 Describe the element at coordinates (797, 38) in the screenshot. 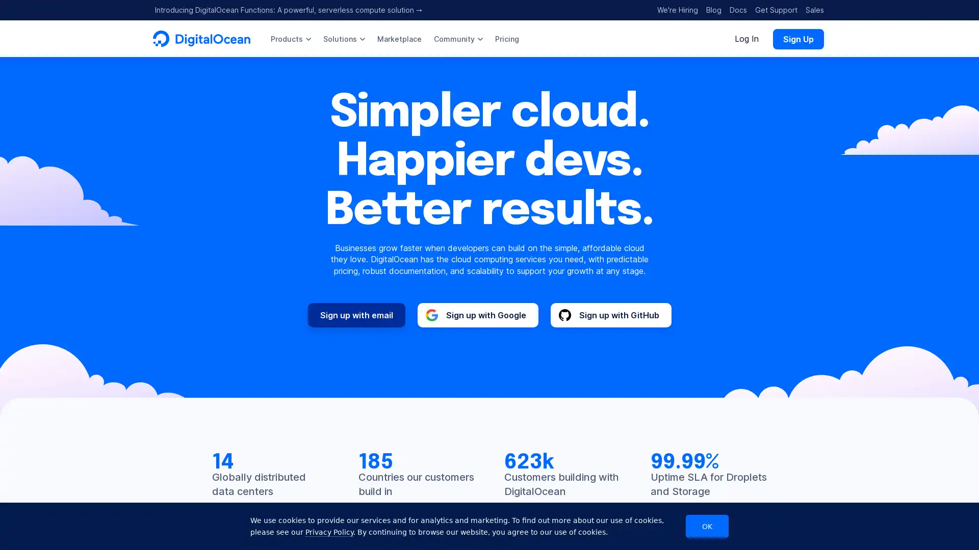

I see `Sign Up` at that location.